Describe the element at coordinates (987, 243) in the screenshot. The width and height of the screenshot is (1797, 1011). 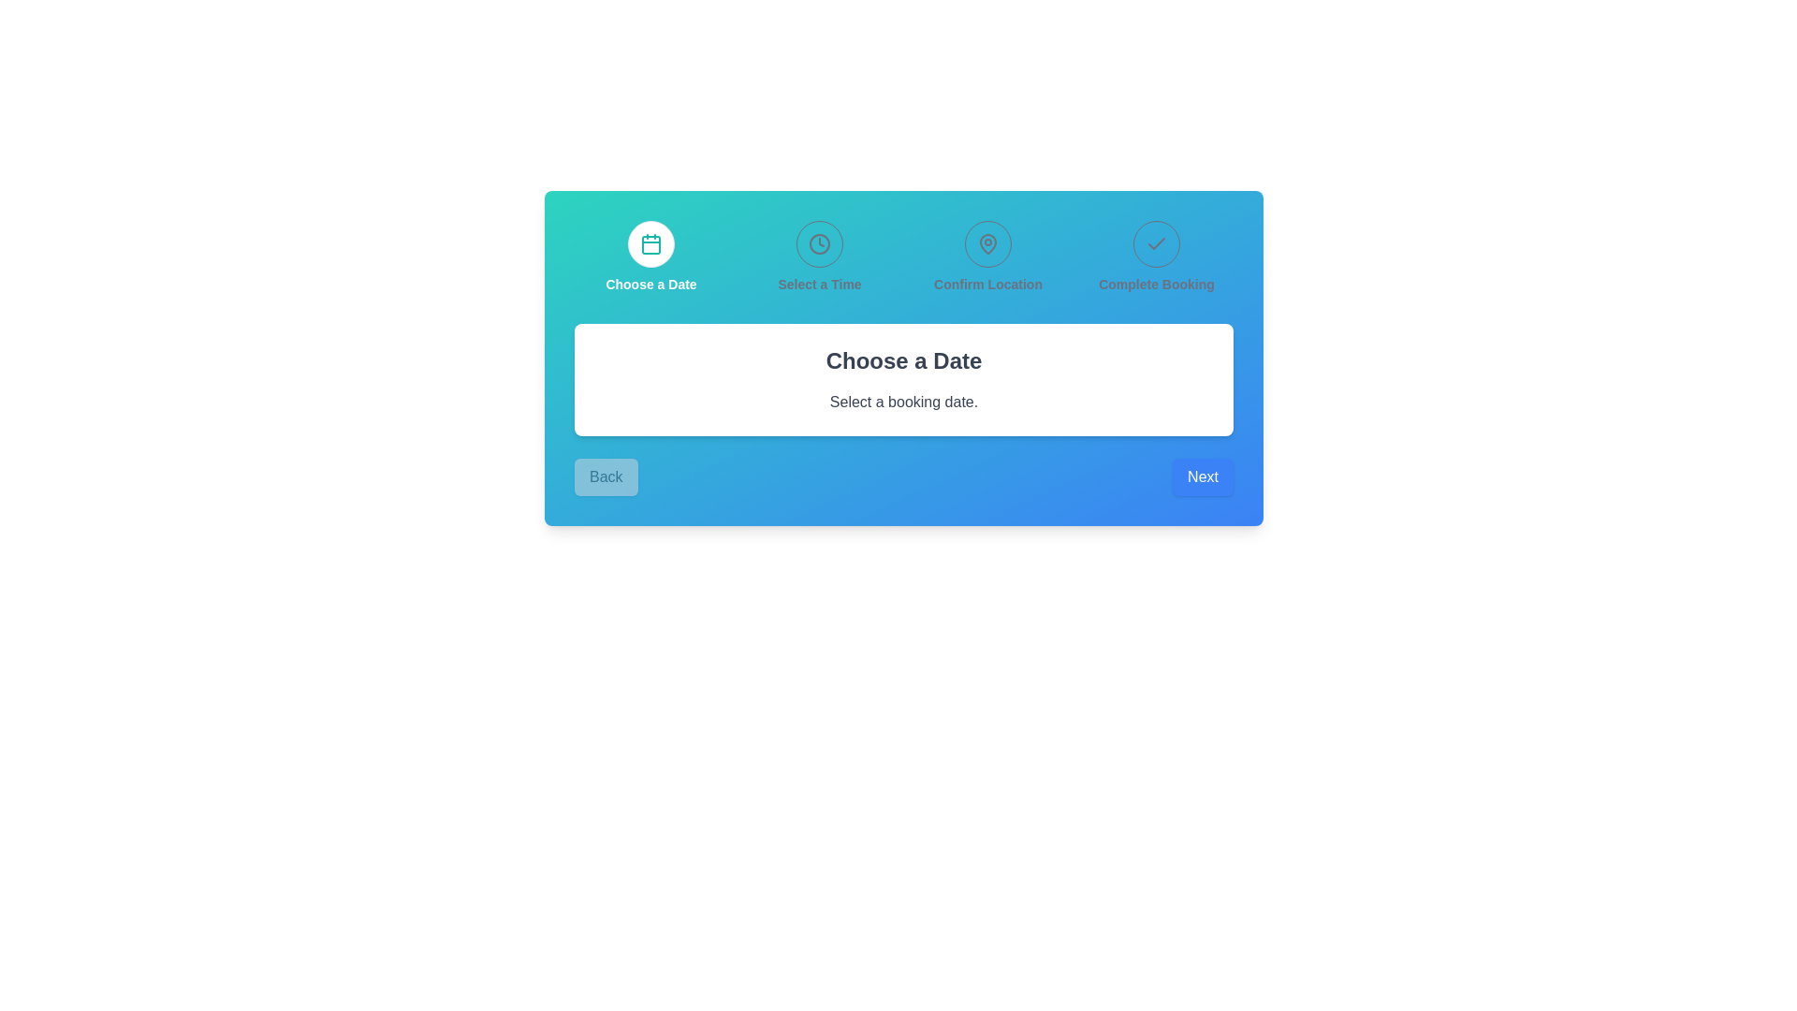
I see `the 'Confirm Location' icon in the booking process navigation bar, which is the third element in the sequence` at that location.